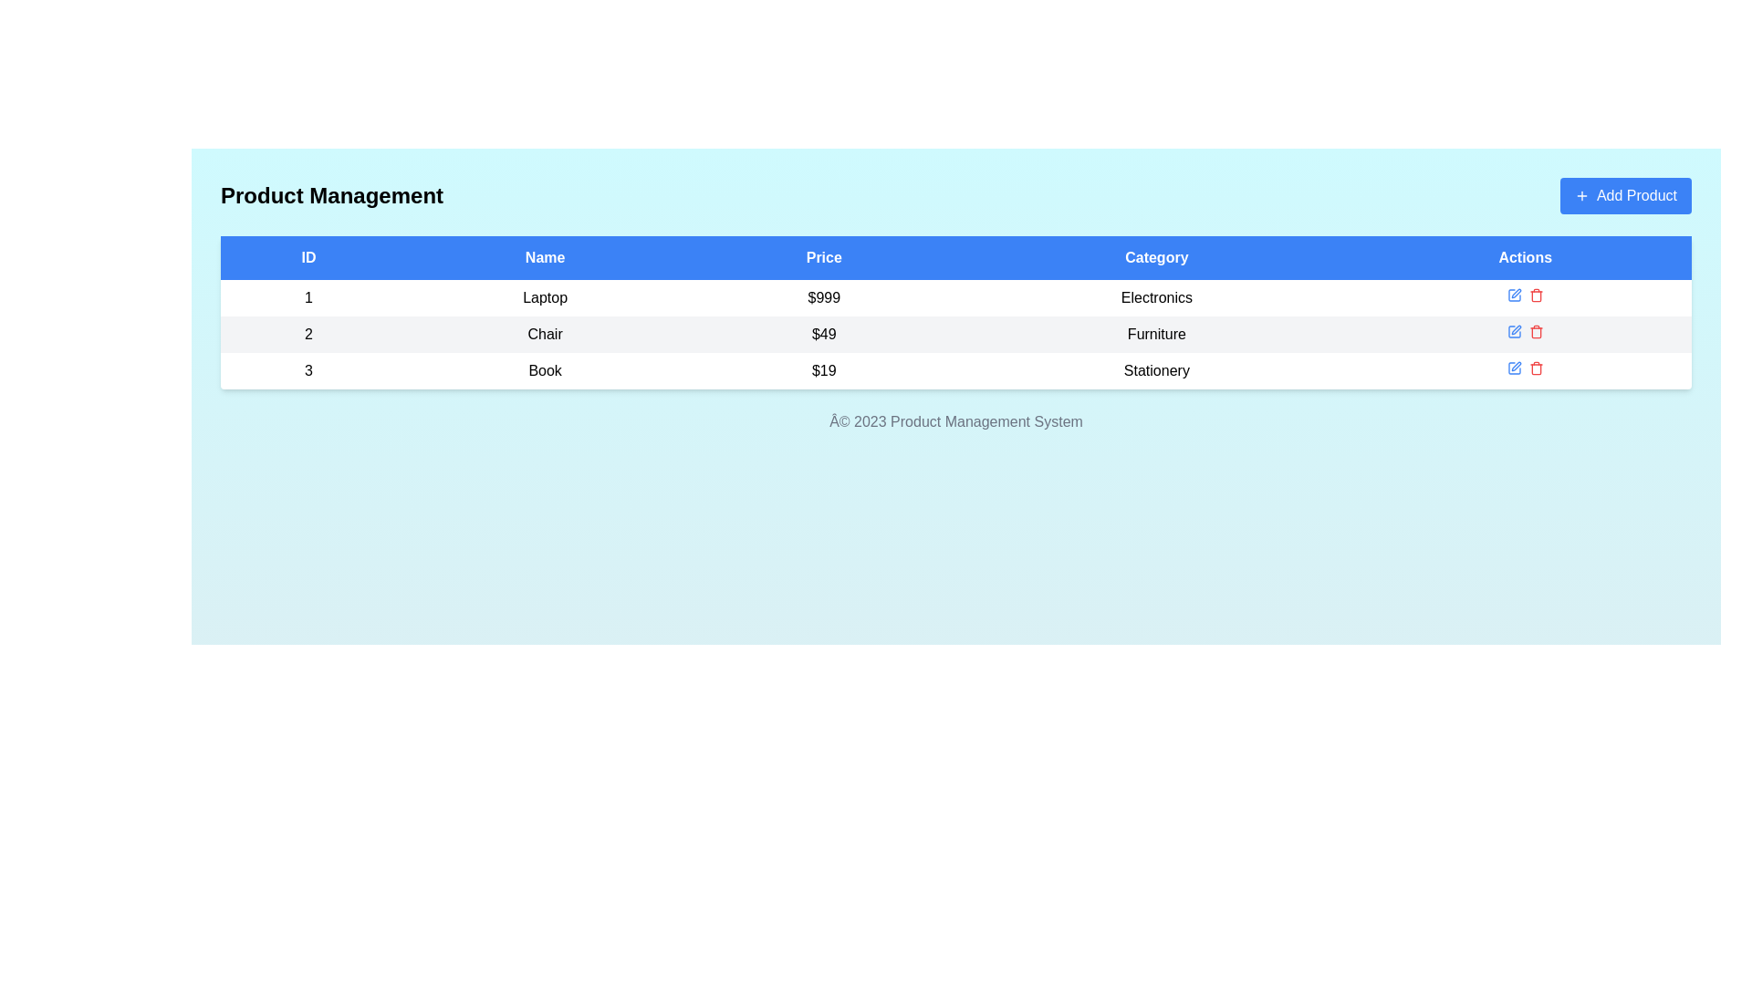 This screenshot has height=985, width=1752. Describe the element at coordinates (1155, 370) in the screenshot. I see `the 'Stationery' text label, which is located in the fourth column of the third row of a table, displaying in plain black font on a white background` at that location.